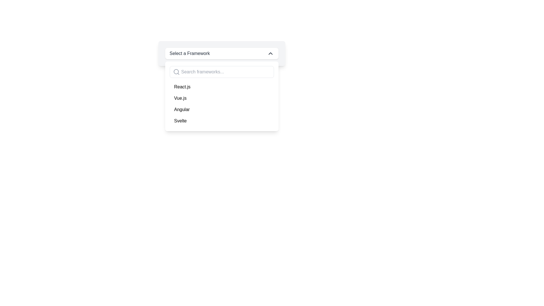  What do you see at coordinates (221, 54) in the screenshot?
I see `the Dropdown header with toggle functionality to enable keyboard interaction` at bounding box center [221, 54].